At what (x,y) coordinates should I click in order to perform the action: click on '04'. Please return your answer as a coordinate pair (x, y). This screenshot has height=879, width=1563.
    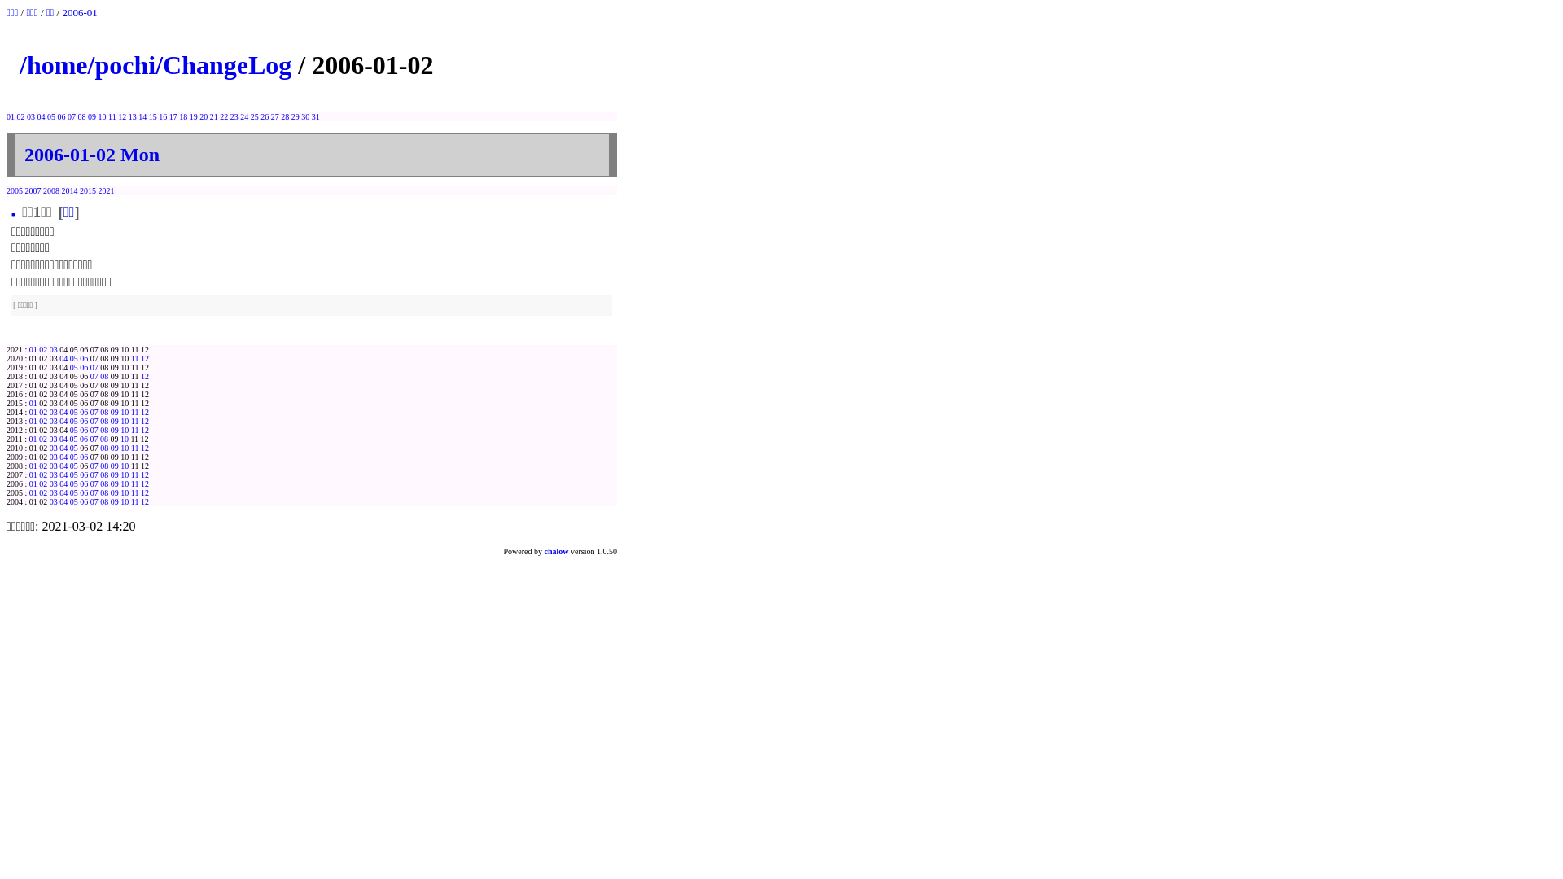
    Looking at the image, I should click on (42, 116).